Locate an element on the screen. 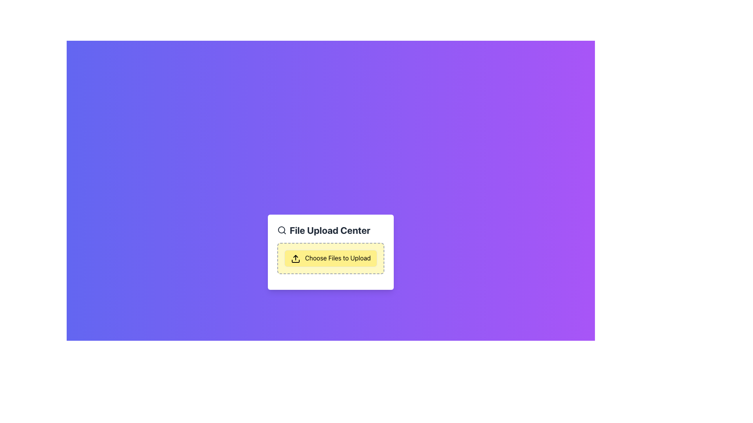 This screenshot has height=423, width=753. the 'Choose Files to Upload' button, which features a yellow background, black border, and rounded corners is located at coordinates (331, 258).